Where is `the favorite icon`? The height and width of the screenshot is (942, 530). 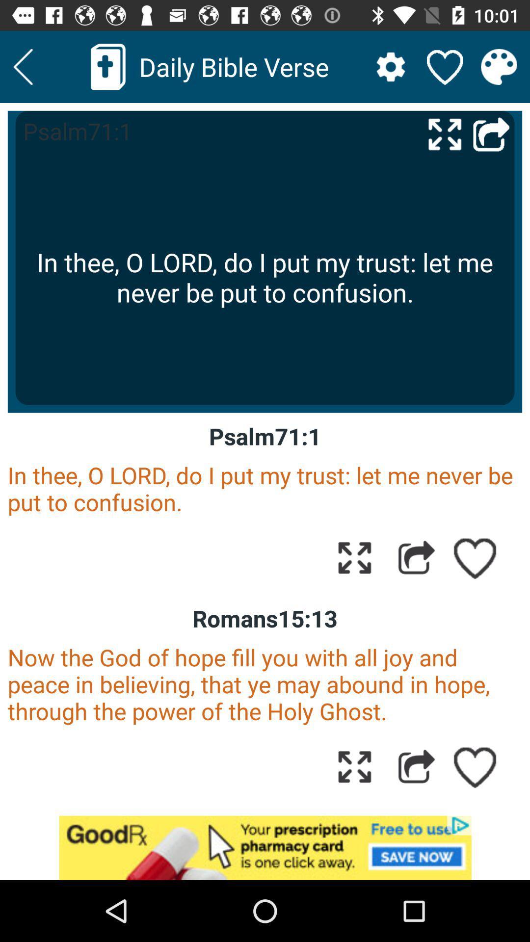
the favorite icon is located at coordinates (445, 66).